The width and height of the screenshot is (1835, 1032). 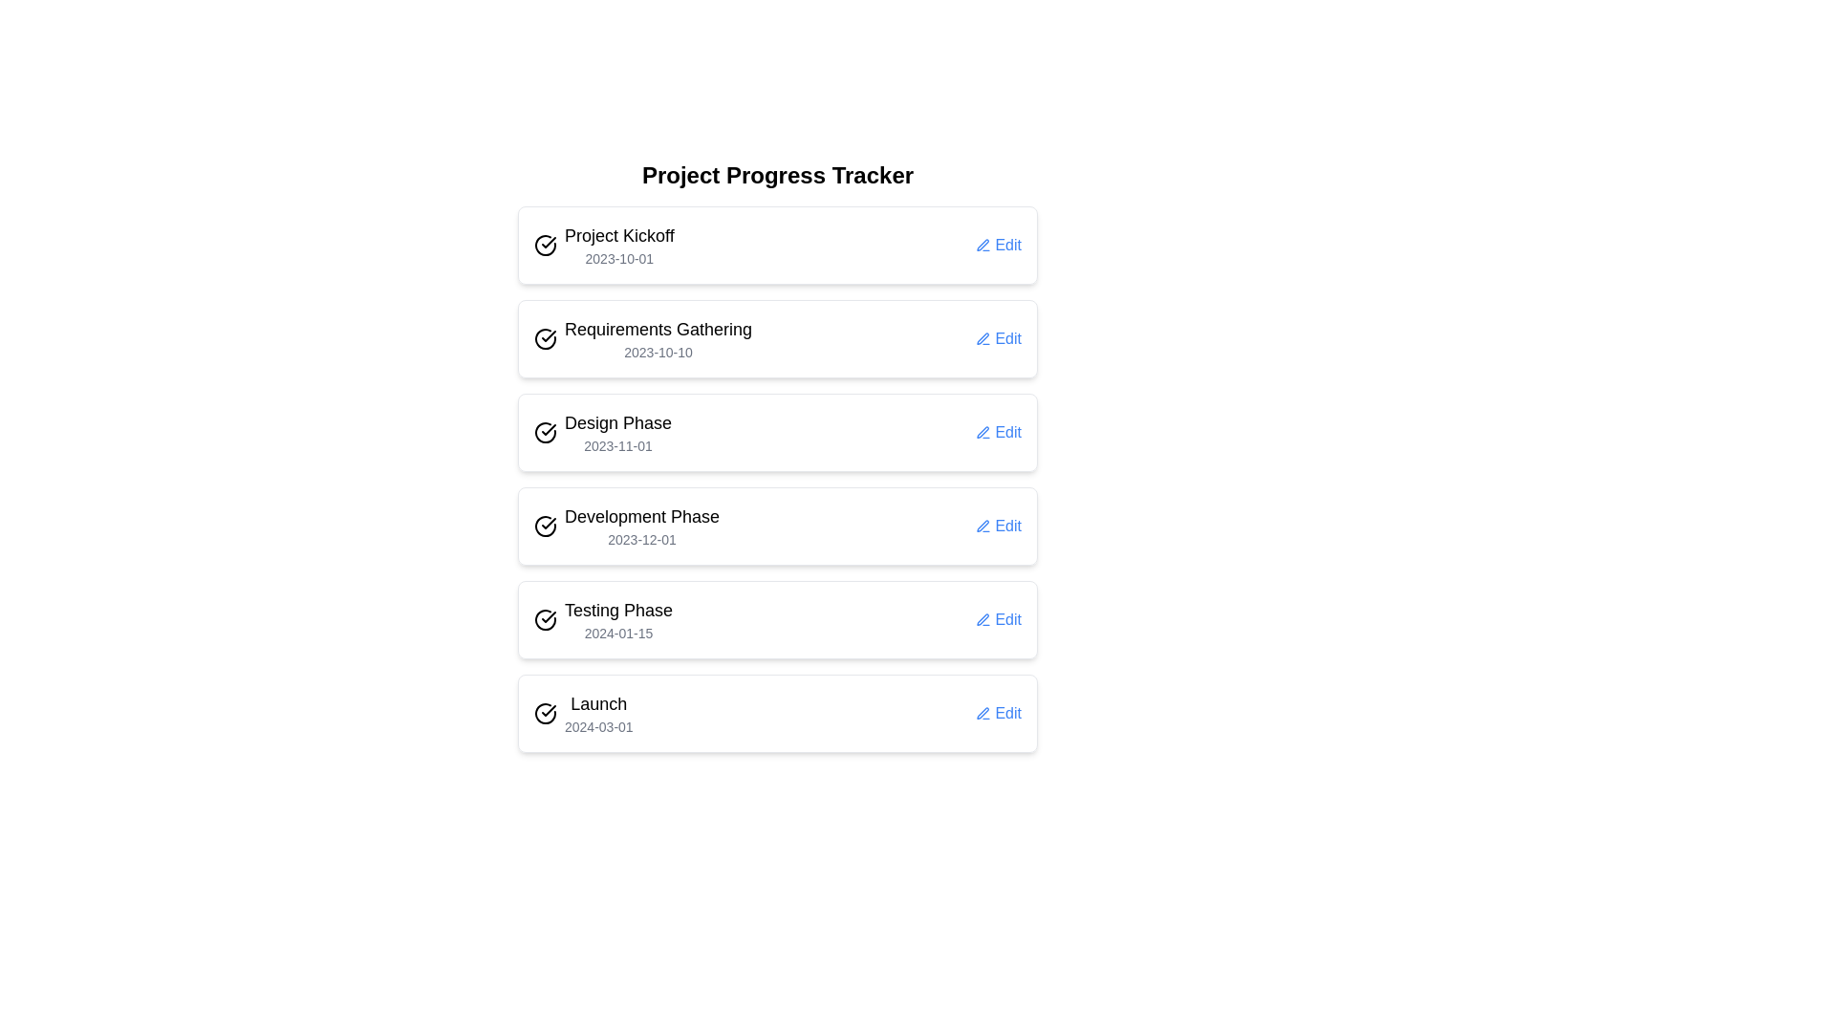 What do you see at coordinates (658, 353) in the screenshot?
I see `text label displaying '2023-10-10', which is styled in small gray typography and located below 'Requirements Gathering' within the second card of the 'Project Progress Tracker'` at bounding box center [658, 353].